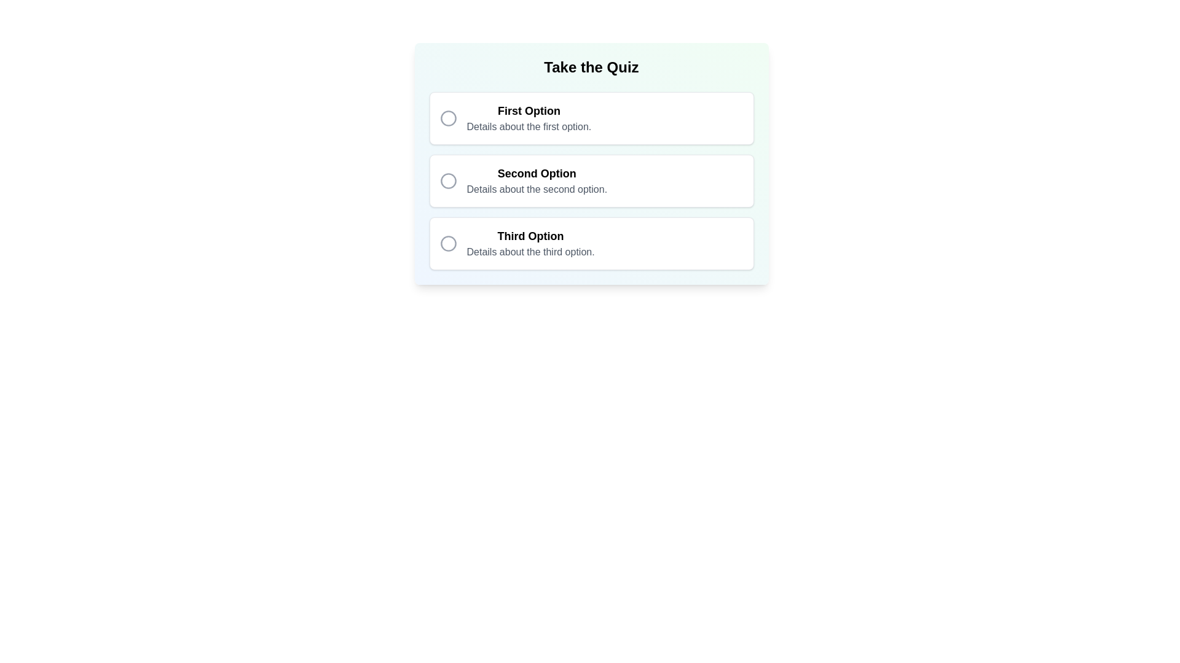  What do you see at coordinates (537, 180) in the screenshot?
I see `the Text block that displays the title and description of the second selectable option in a quiz interface to trigger the tooltip` at bounding box center [537, 180].